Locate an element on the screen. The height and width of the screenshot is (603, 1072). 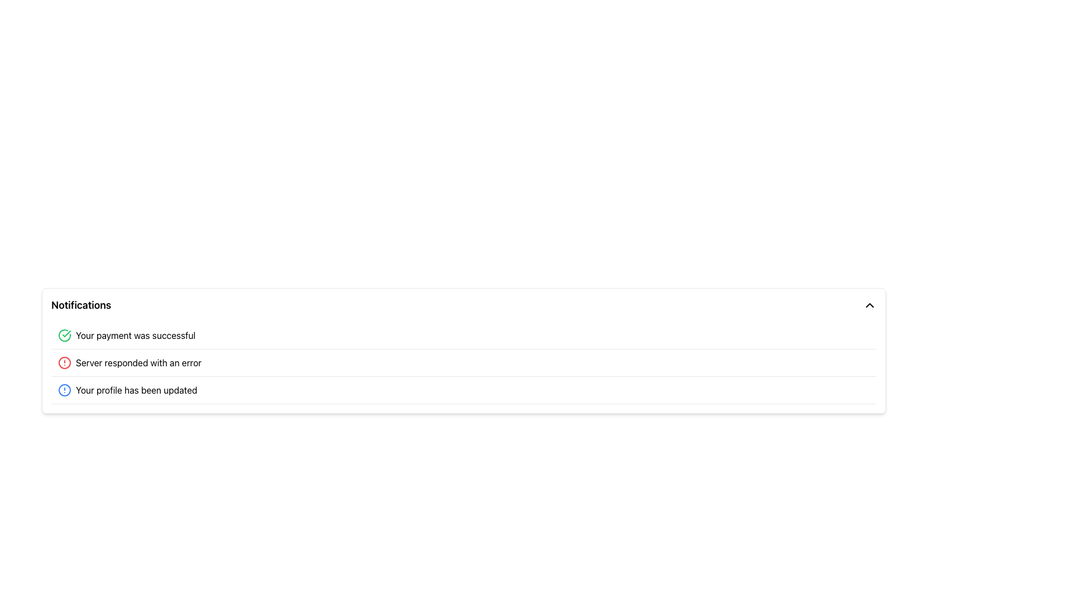
the second notification list item that indicates an error response from the server, located between 'Your payment was successful' and 'Your profile has been updated' is located at coordinates (463, 363).